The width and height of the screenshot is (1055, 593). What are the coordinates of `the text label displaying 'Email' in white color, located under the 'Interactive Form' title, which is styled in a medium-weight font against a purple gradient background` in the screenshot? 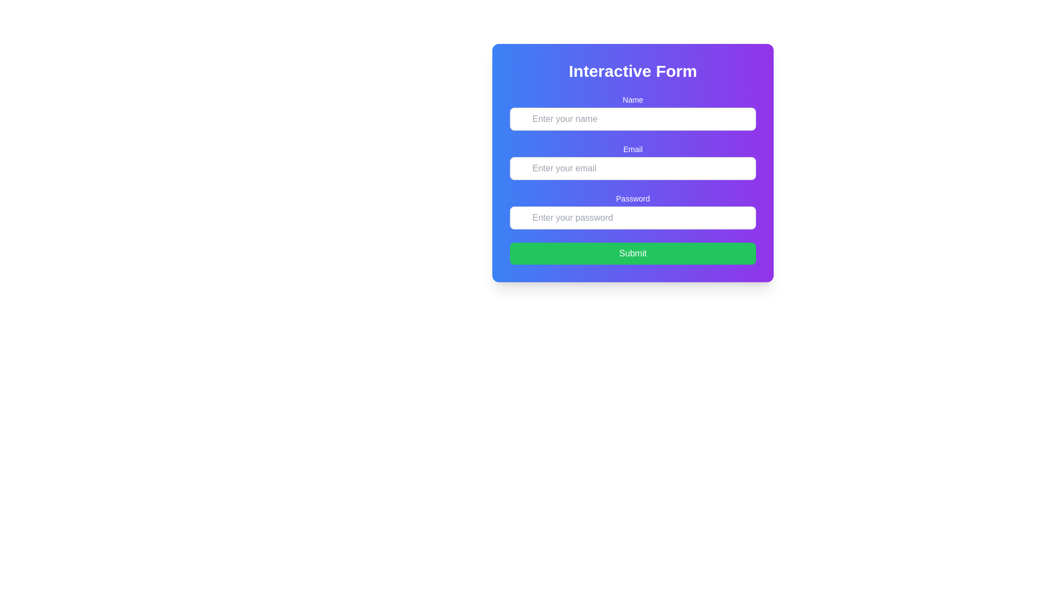 It's located at (633, 149).